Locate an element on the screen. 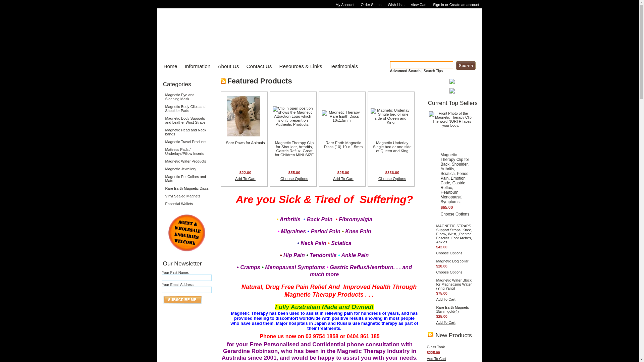 This screenshot has width=644, height=362. 'Magnetic Eye and Sleeping Mask' is located at coordinates (161, 97).